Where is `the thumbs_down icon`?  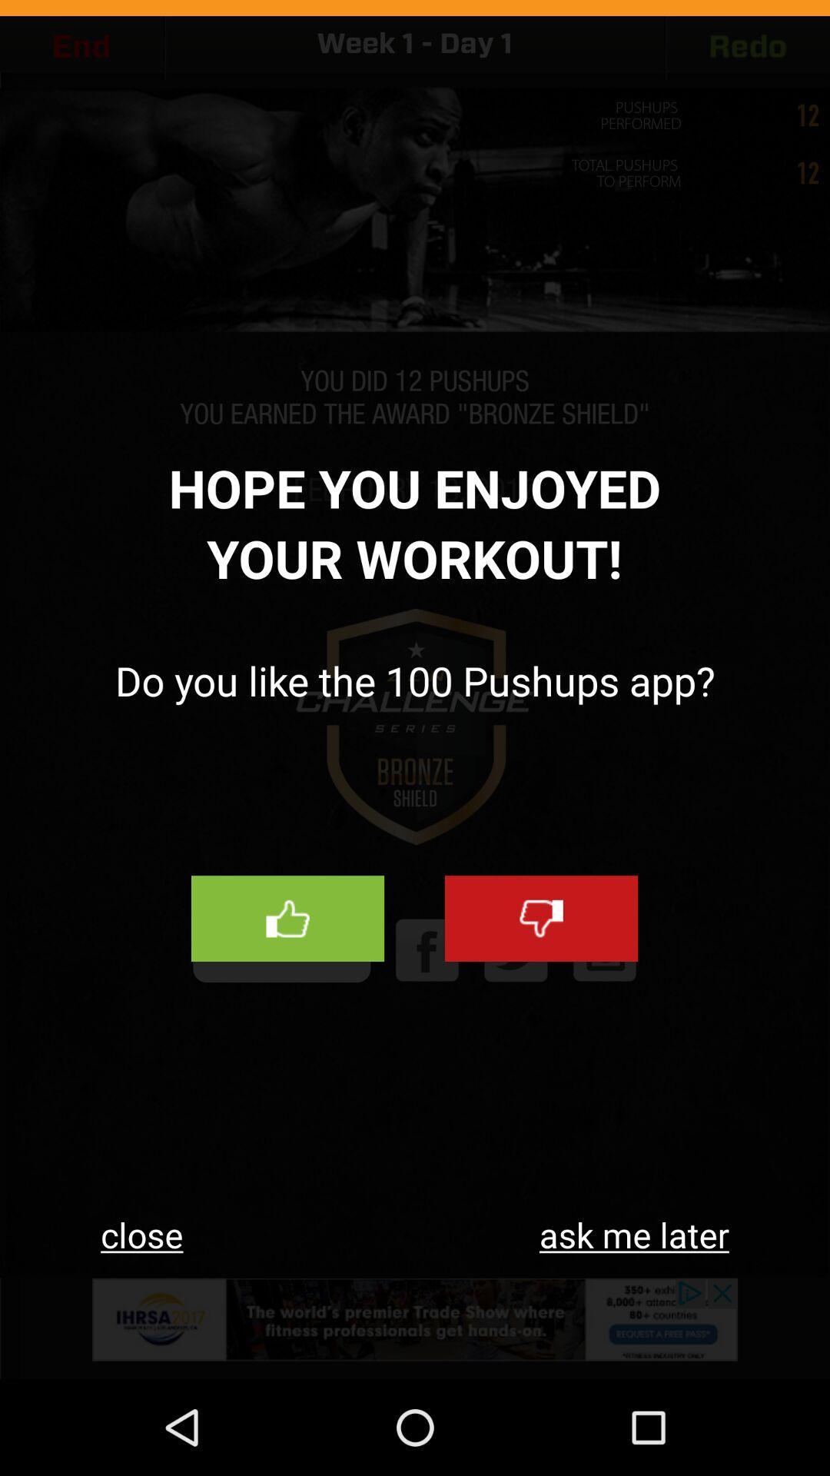
the thumbs_down icon is located at coordinates (540, 982).